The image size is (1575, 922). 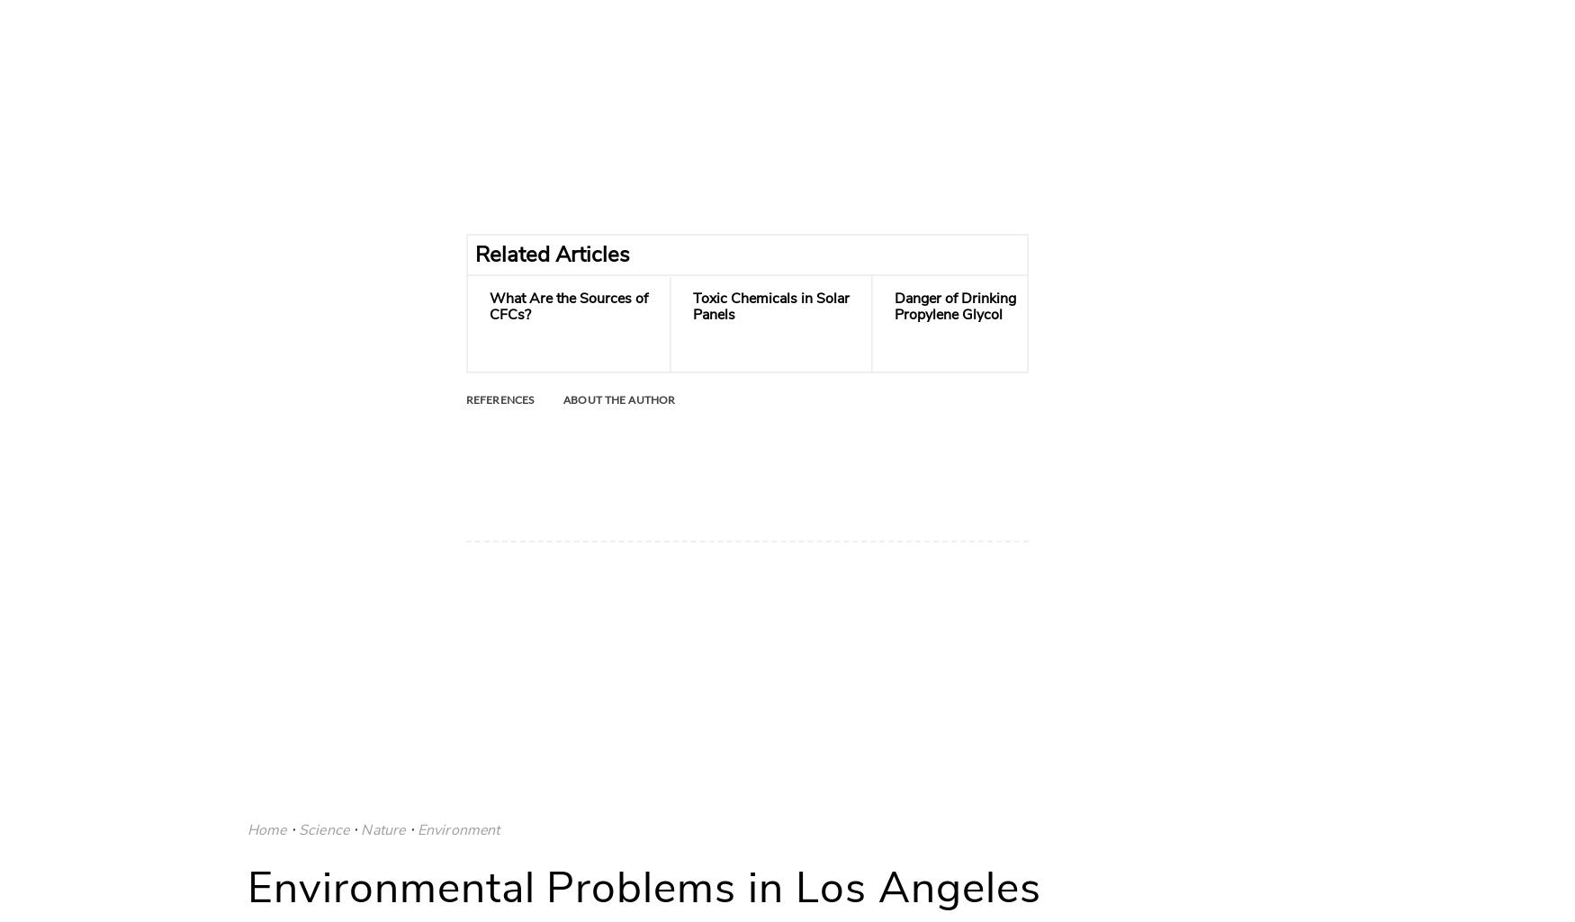 What do you see at coordinates (1371, 314) in the screenshot?
I see `'What Are the Dangers of Accidentally Burning Styrofoam?'` at bounding box center [1371, 314].